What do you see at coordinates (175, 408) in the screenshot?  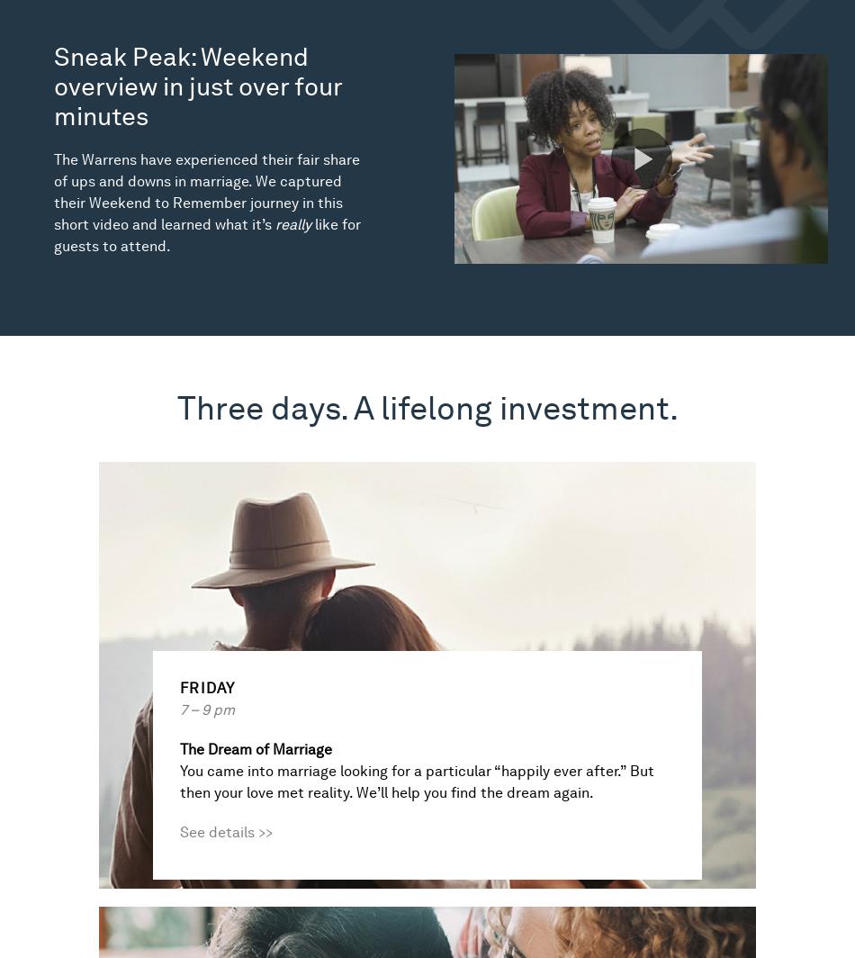 I see `'Three days. A lifelong investment.'` at bounding box center [175, 408].